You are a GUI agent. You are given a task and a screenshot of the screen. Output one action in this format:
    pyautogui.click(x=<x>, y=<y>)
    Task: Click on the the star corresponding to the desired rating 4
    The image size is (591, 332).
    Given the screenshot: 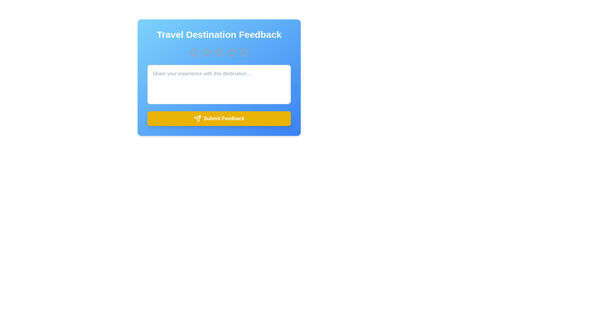 What is the action you would take?
    pyautogui.click(x=231, y=52)
    